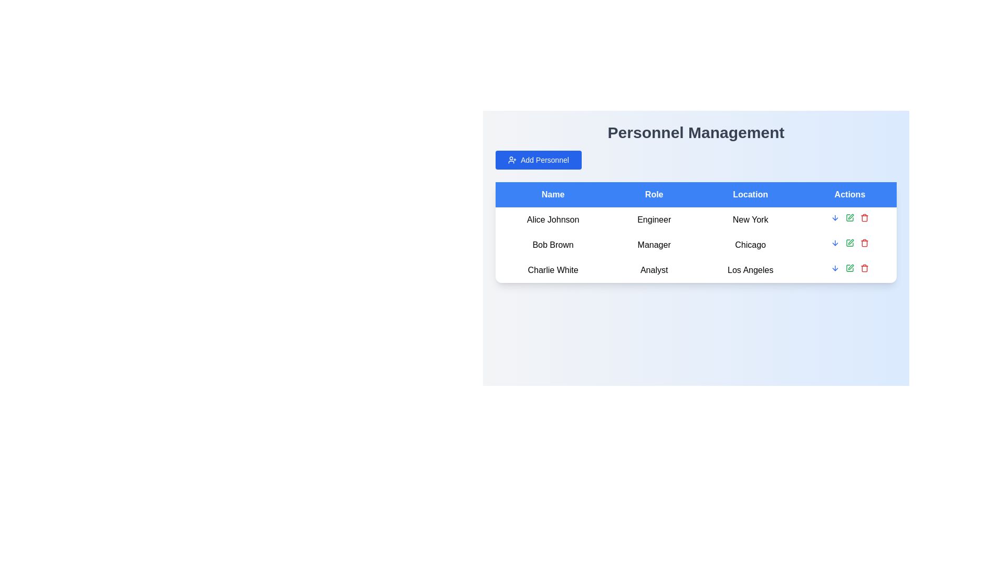 This screenshot has width=1008, height=567. I want to click on to select the first row of the table containing 'Alice Johnson', 'Engineer', and 'New York', so click(696, 219).